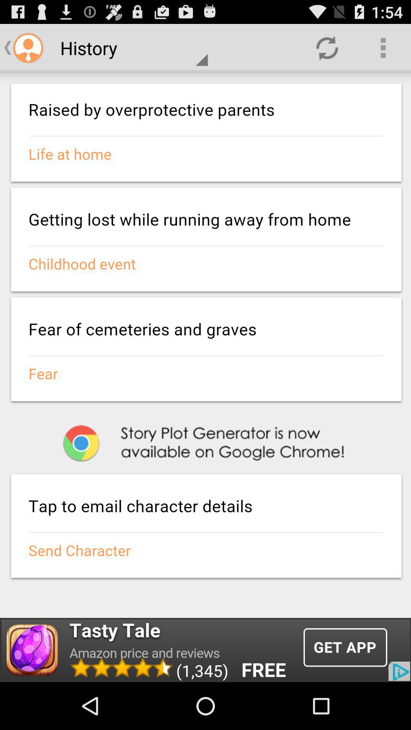 The height and width of the screenshot is (730, 411). Describe the element at coordinates (205, 344) in the screenshot. I see `screen page` at that location.